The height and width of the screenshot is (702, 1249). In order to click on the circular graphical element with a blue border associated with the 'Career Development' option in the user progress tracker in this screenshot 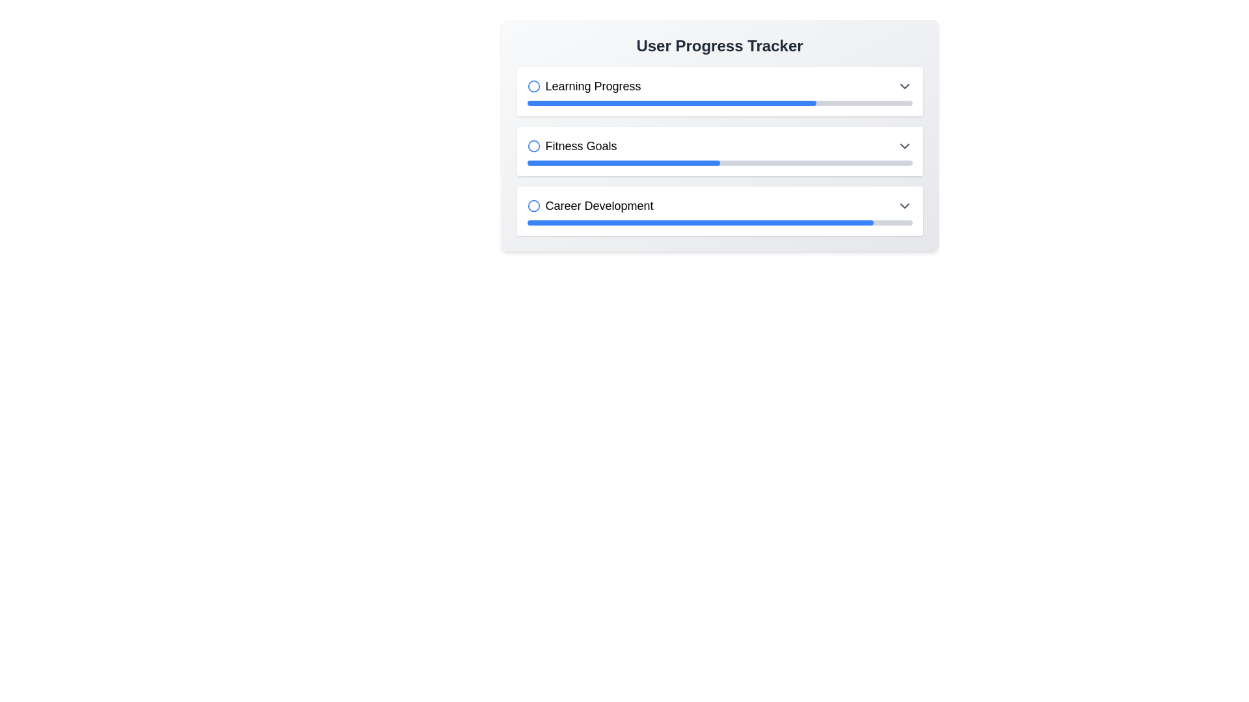, I will do `click(533, 205)`.